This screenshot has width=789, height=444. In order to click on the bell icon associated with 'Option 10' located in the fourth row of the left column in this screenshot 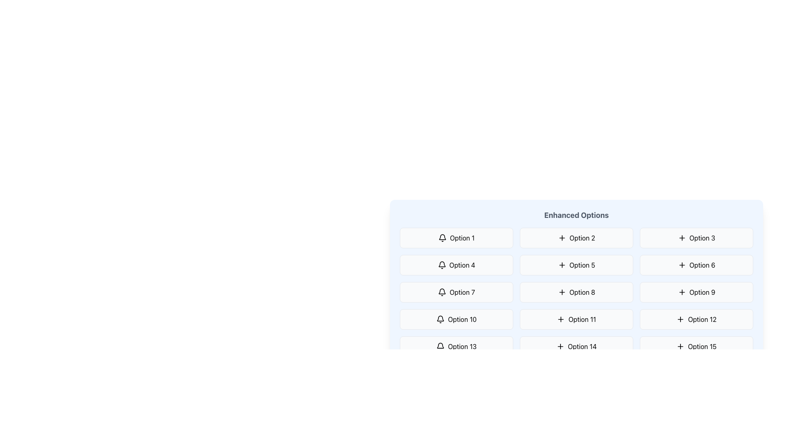, I will do `click(440, 318)`.